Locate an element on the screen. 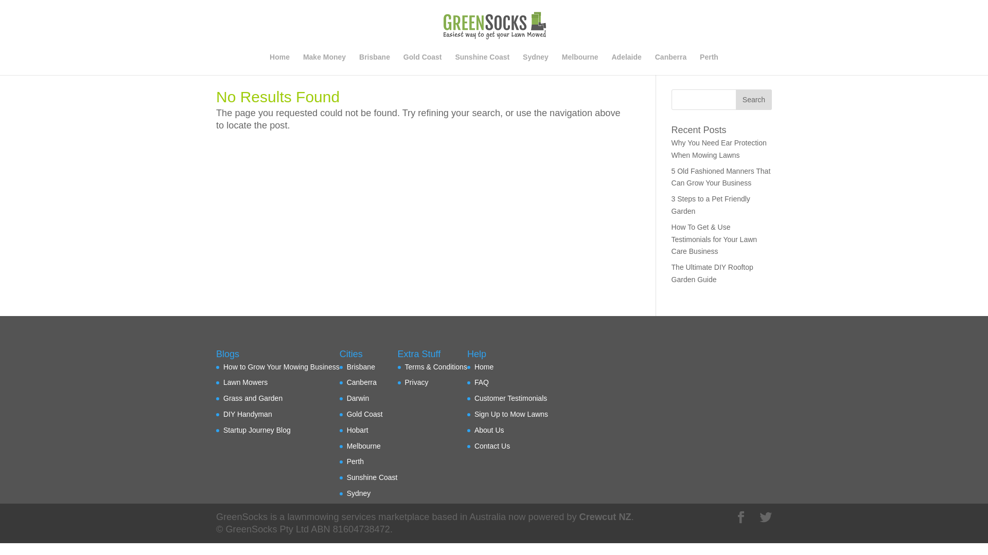 Image resolution: width=988 pixels, height=555 pixels. '5 Old Fashioned Manners That Can Grow Your Business' is located at coordinates (672, 176).